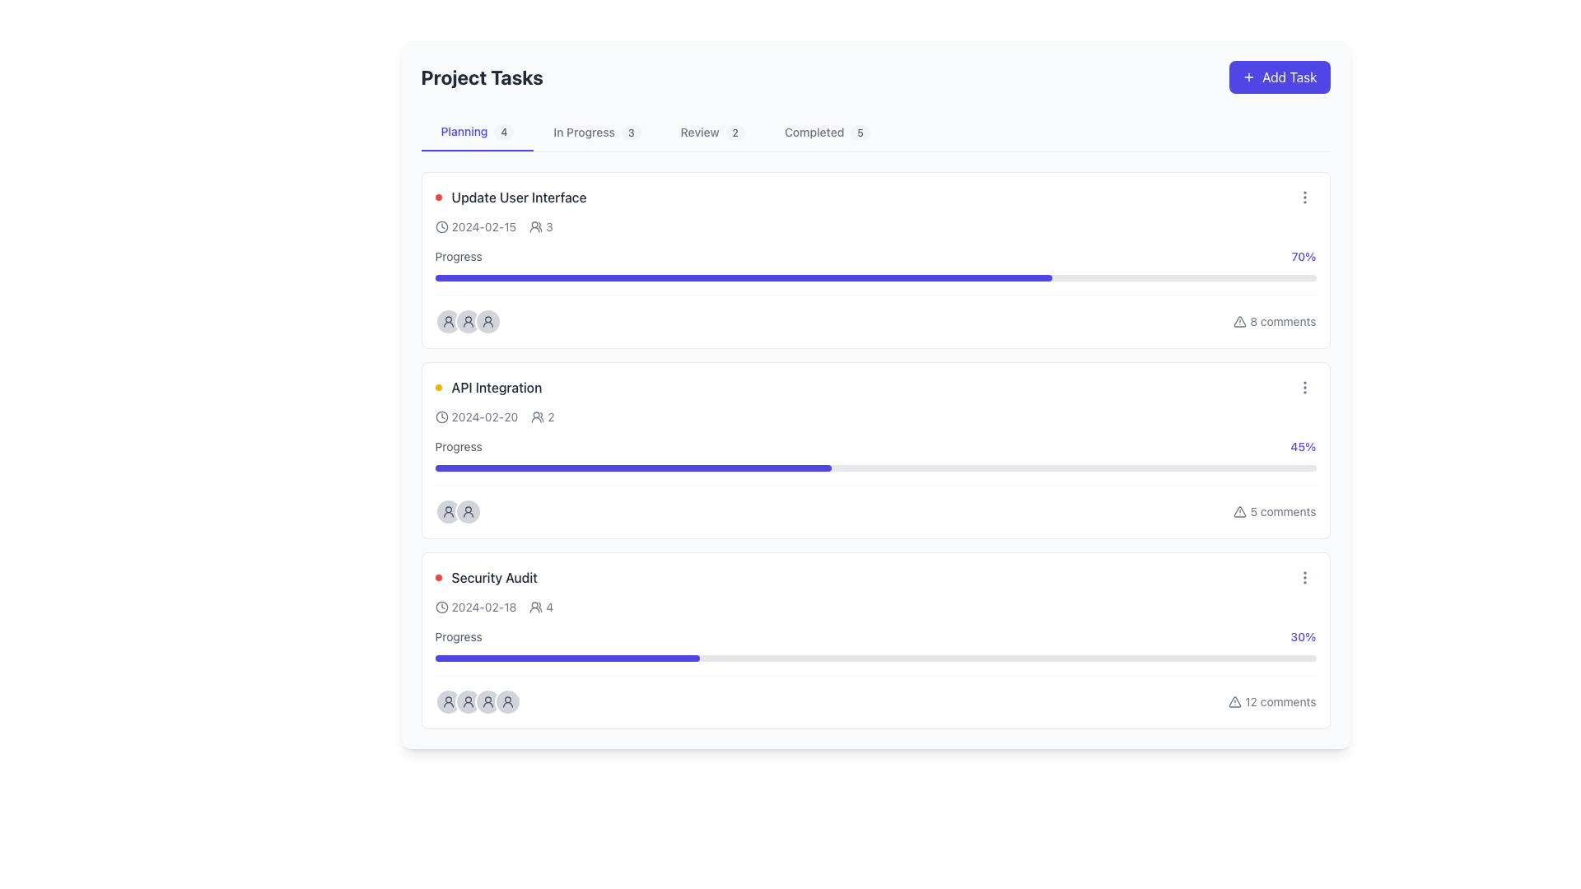 Image resolution: width=1581 pixels, height=889 pixels. I want to click on the static text displaying the percentage value, which is located at the far-right side of the task card, aligned with the 'Progress' text and the progress bar, so click(1303, 636).